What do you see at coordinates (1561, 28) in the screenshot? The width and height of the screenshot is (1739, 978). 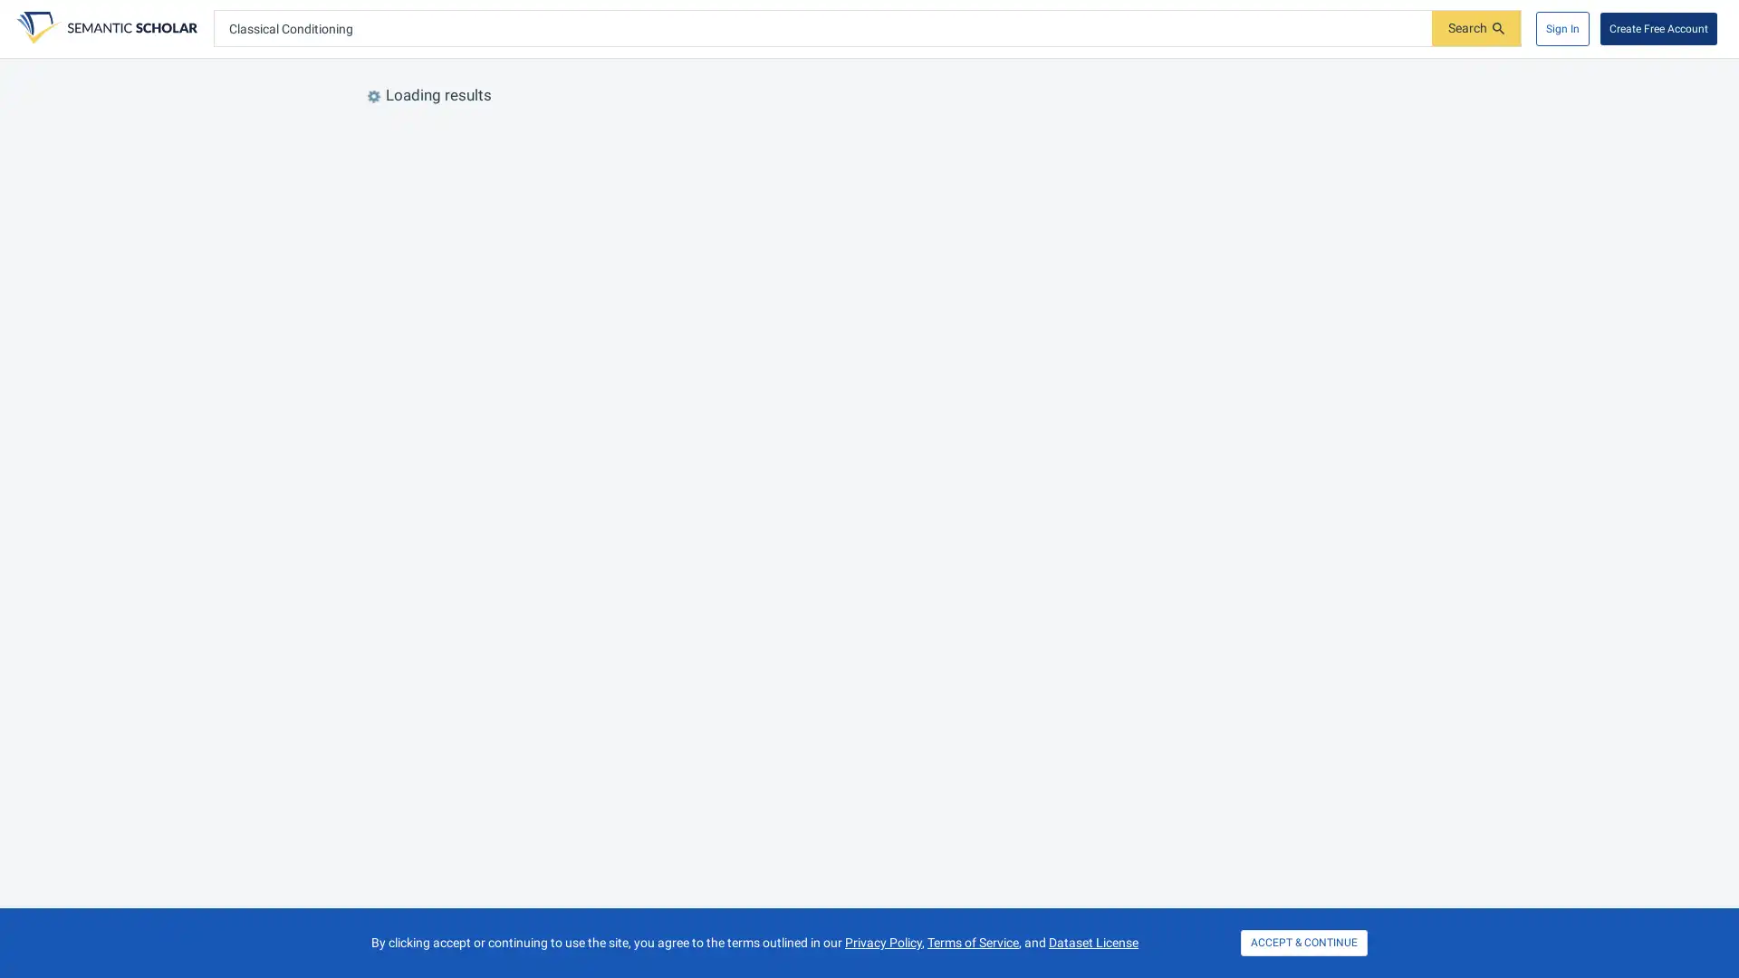 I see `Sign In` at bounding box center [1561, 28].